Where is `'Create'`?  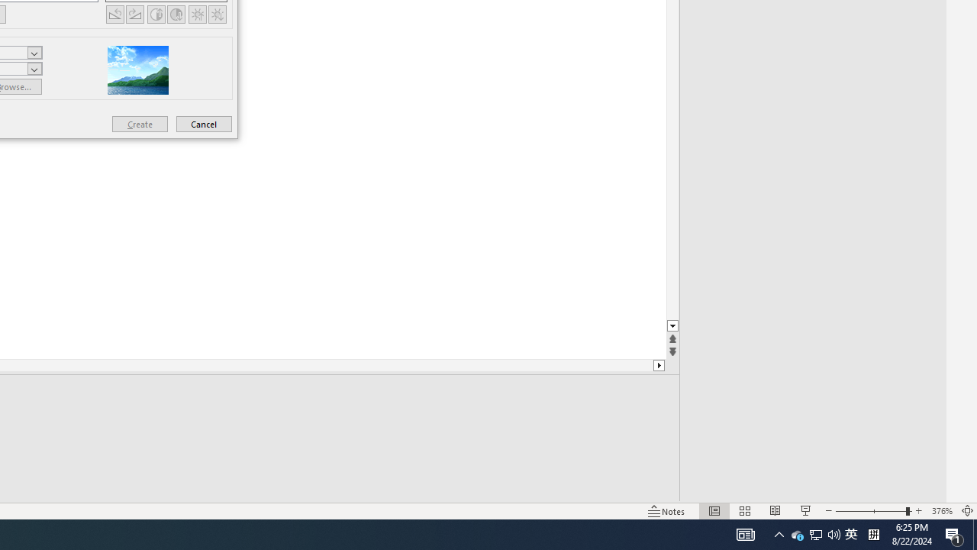
'Create' is located at coordinates (140, 123).